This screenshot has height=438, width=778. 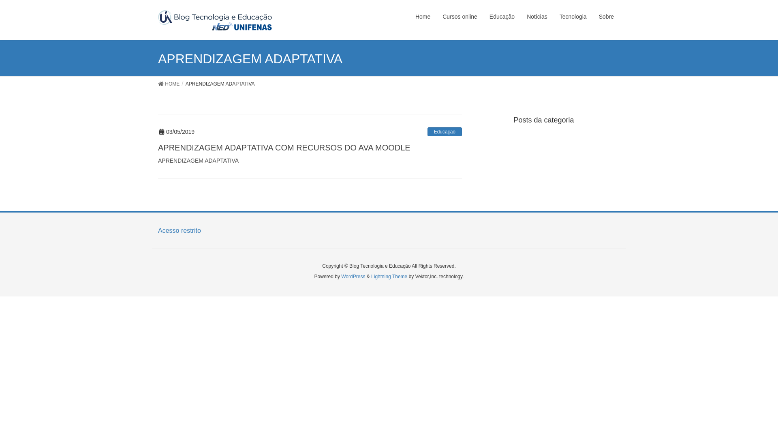 I want to click on 'APRENDIZAGEM ADAPTATIVA', so click(x=158, y=161).